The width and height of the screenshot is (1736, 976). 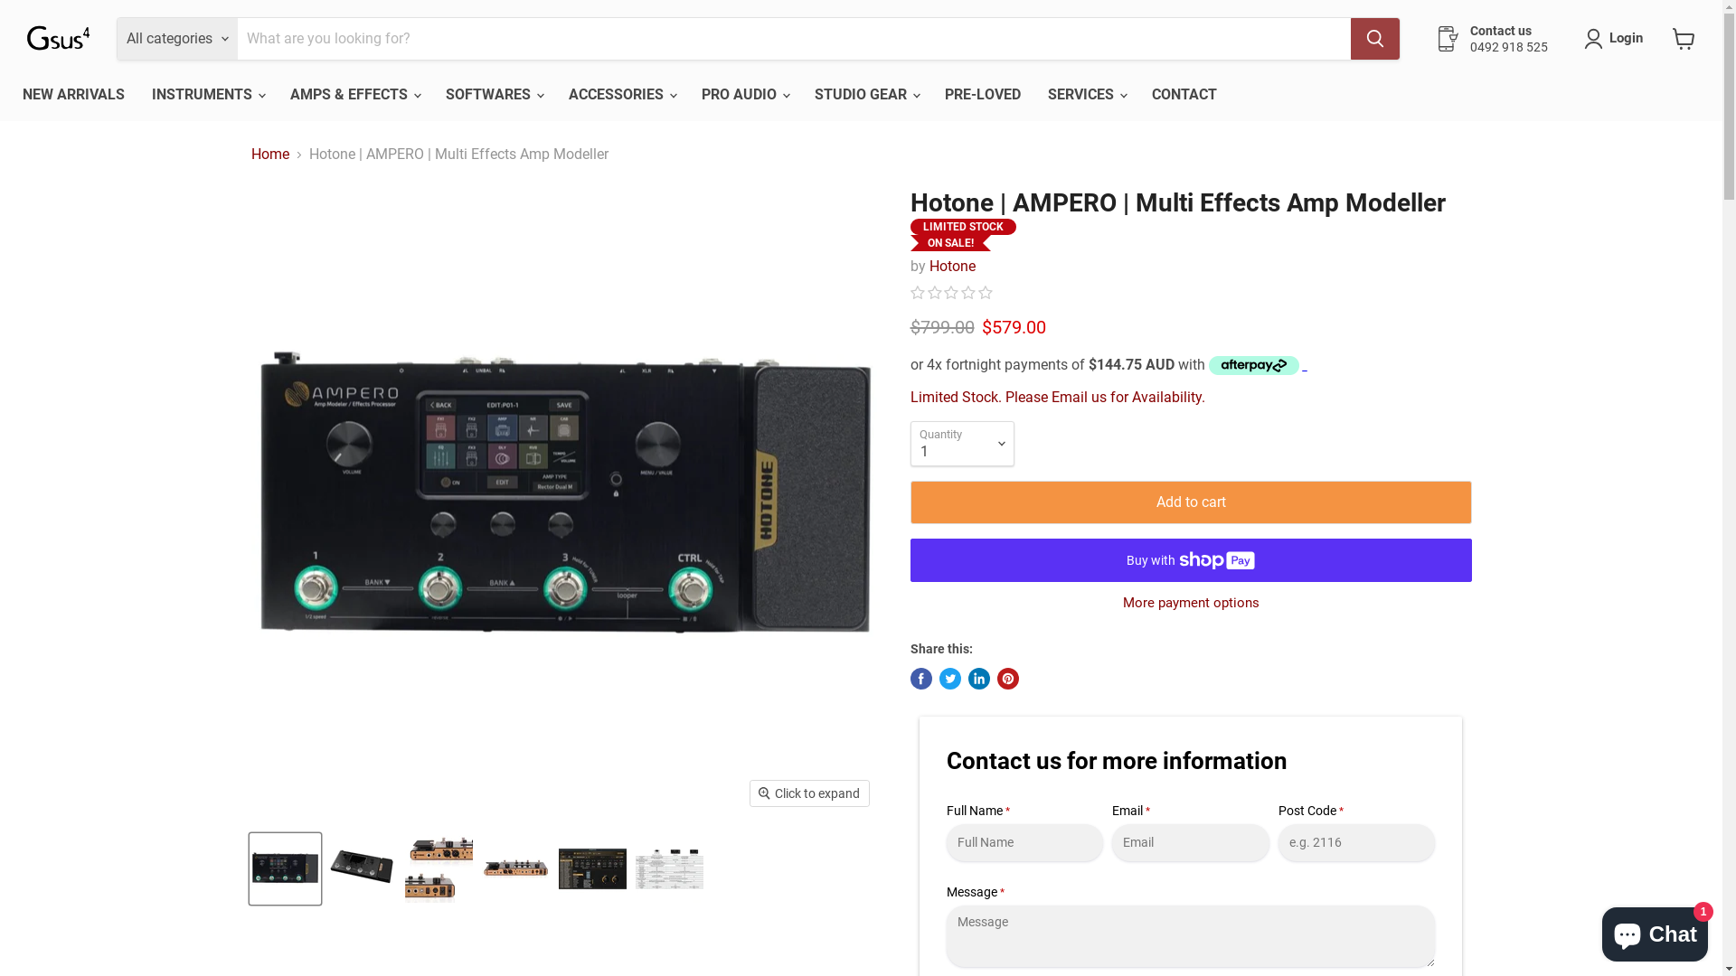 What do you see at coordinates (865, 94) in the screenshot?
I see `'STUDIO GEAR'` at bounding box center [865, 94].